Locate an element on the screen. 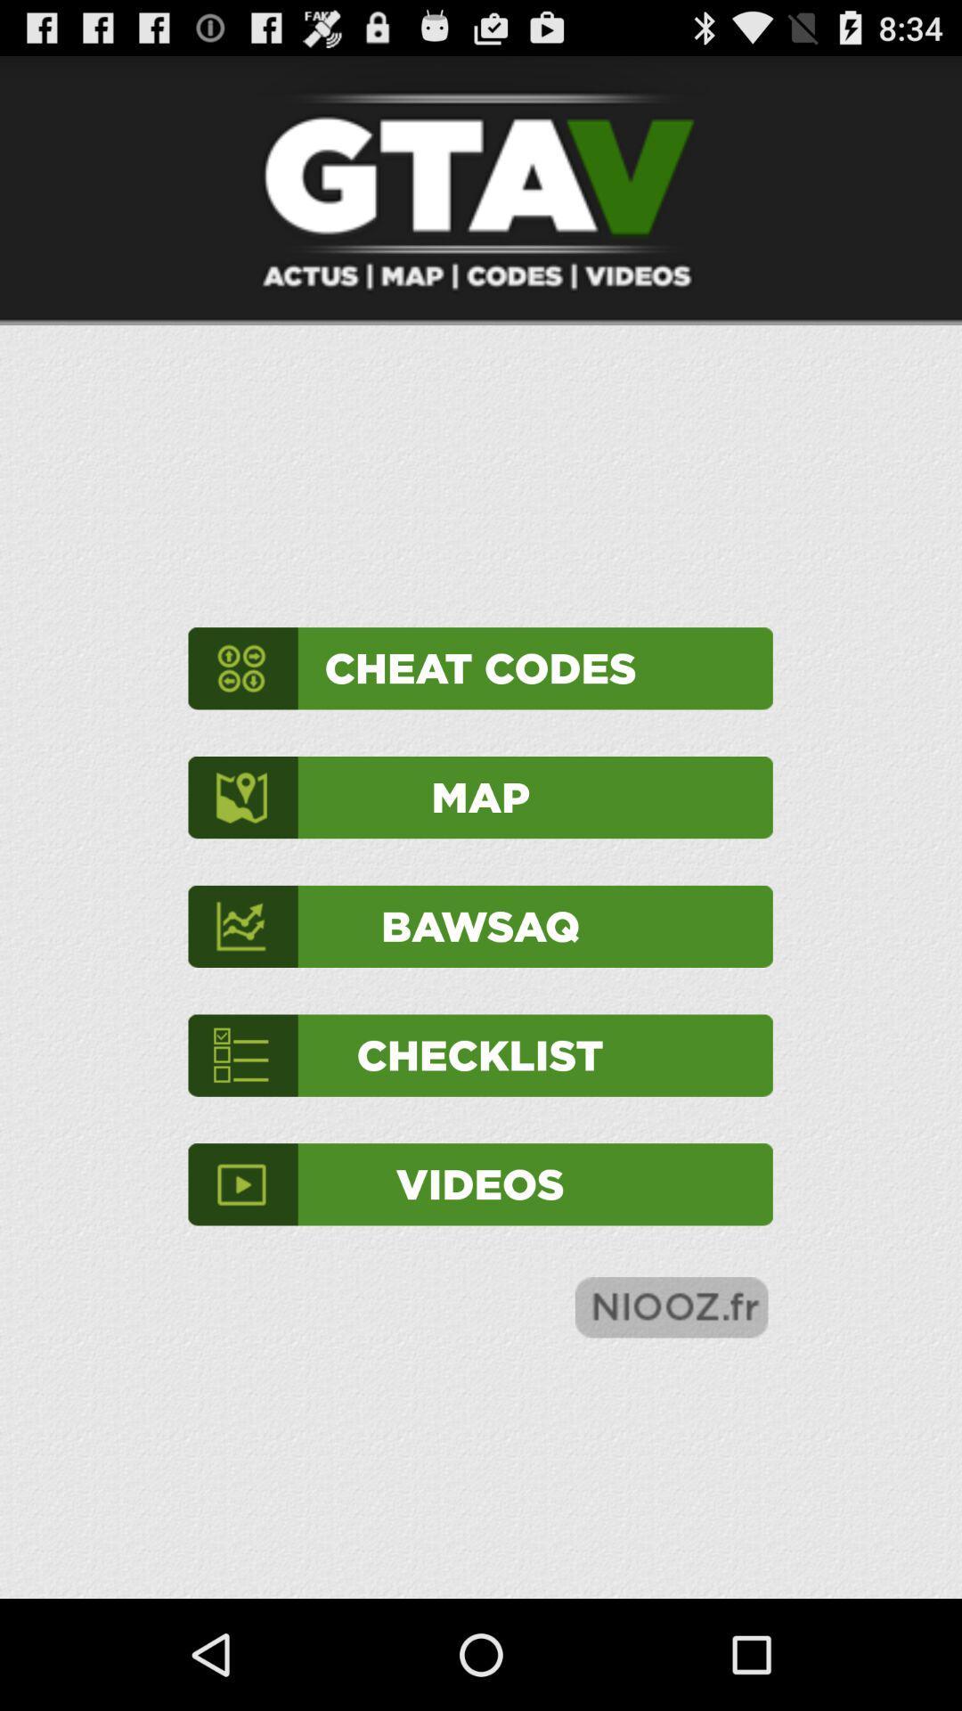 Image resolution: width=962 pixels, height=1711 pixels. the map item is located at coordinates (479, 797).